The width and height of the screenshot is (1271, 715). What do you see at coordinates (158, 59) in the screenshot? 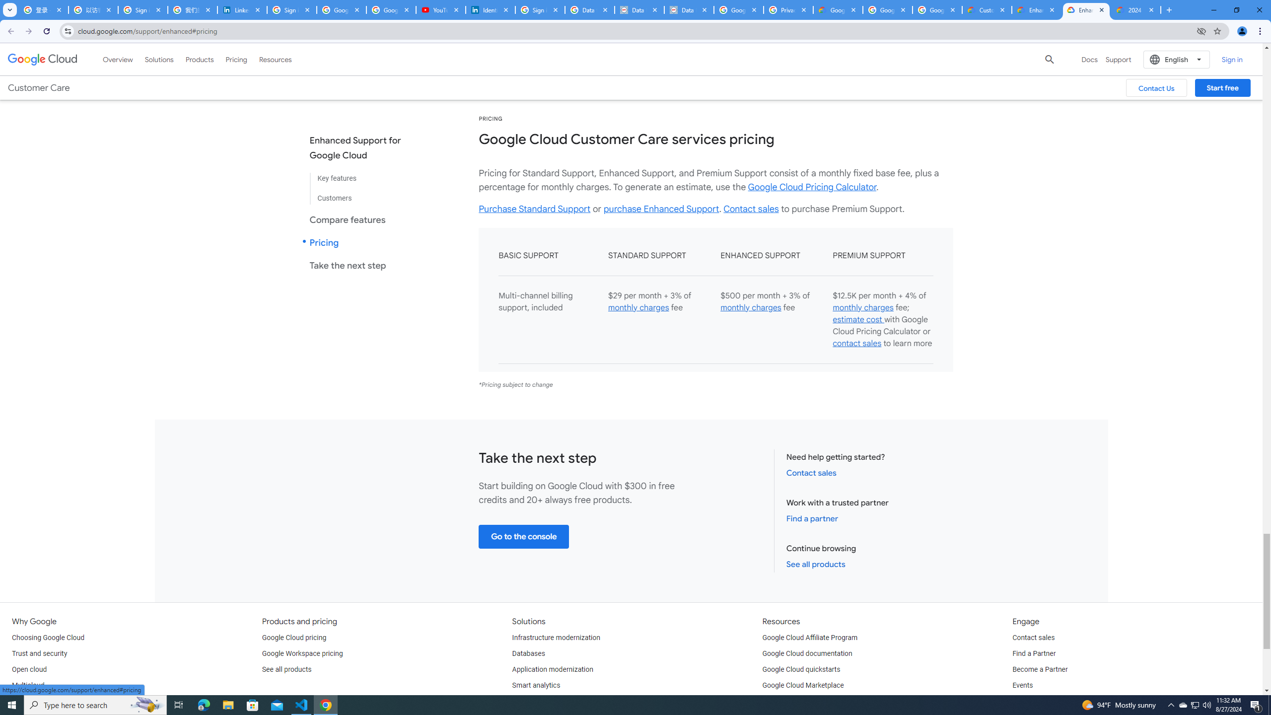
I see `'Solutions'` at bounding box center [158, 59].